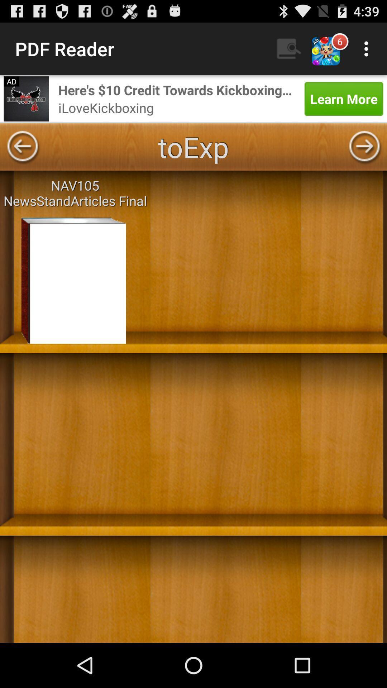 The width and height of the screenshot is (387, 688). What do you see at coordinates (22, 157) in the screenshot?
I see `the arrow_backward icon` at bounding box center [22, 157].